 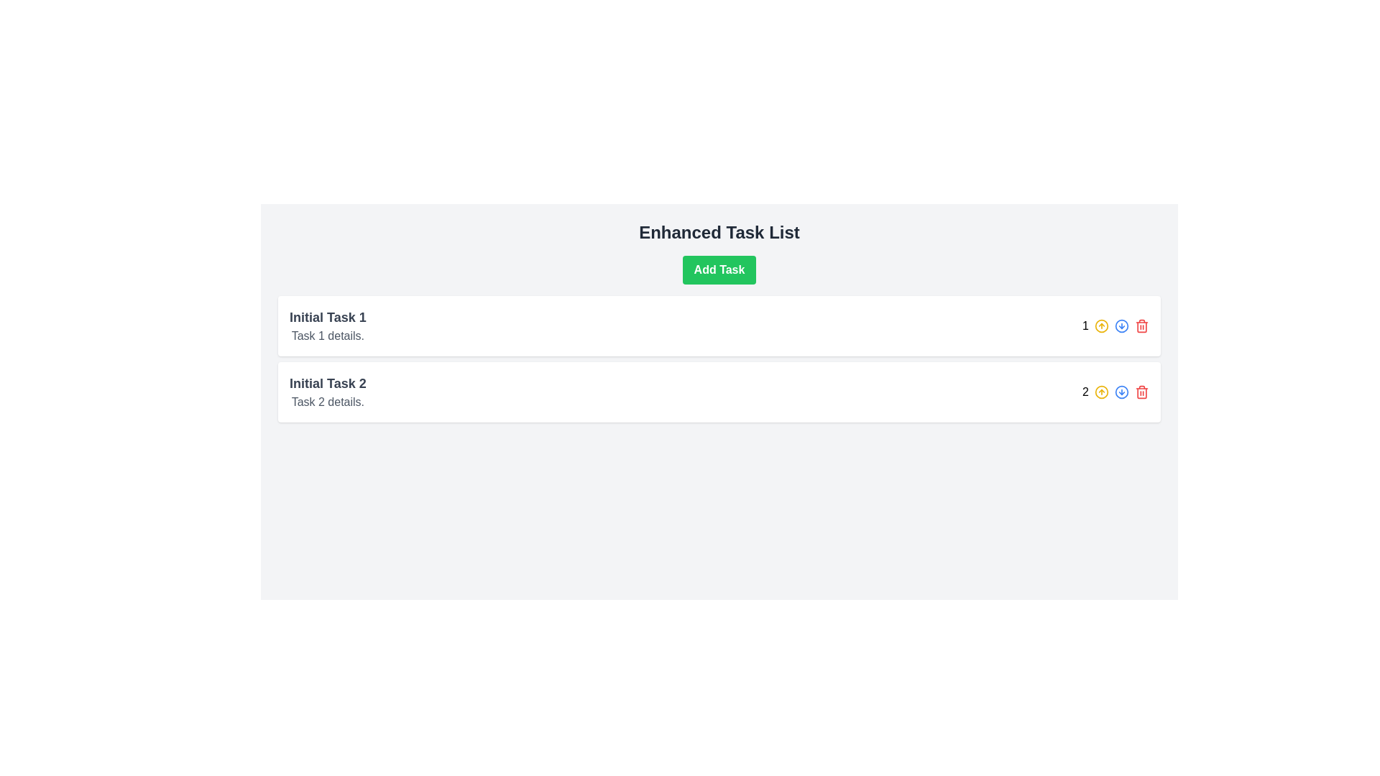 What do you see at coordinates (1121, 392) in the screenshot?
I see `the control button located in the second row of the task list, positioned towards the far right, following the numeric label '2'` at bounding box center [1121, 392].